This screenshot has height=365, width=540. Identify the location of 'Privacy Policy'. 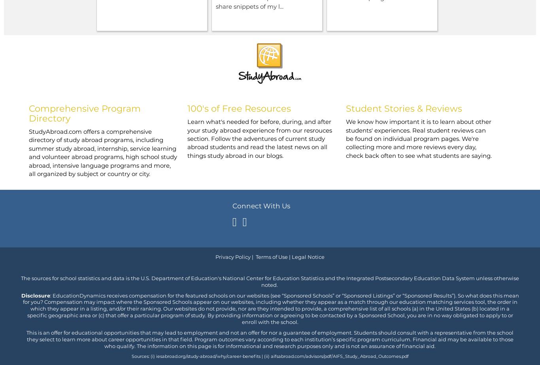
(232, 256).